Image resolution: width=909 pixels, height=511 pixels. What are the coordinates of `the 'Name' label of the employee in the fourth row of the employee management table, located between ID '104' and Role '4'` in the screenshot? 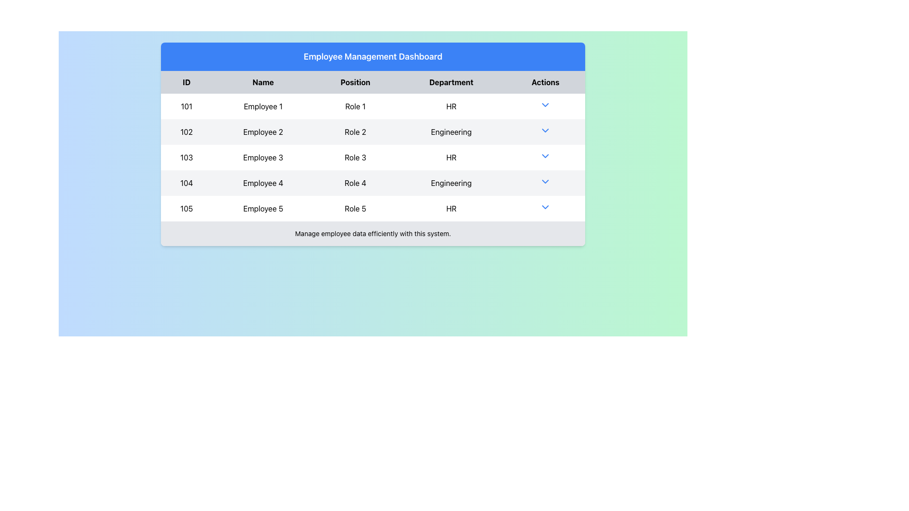 It's located at (263, 183).